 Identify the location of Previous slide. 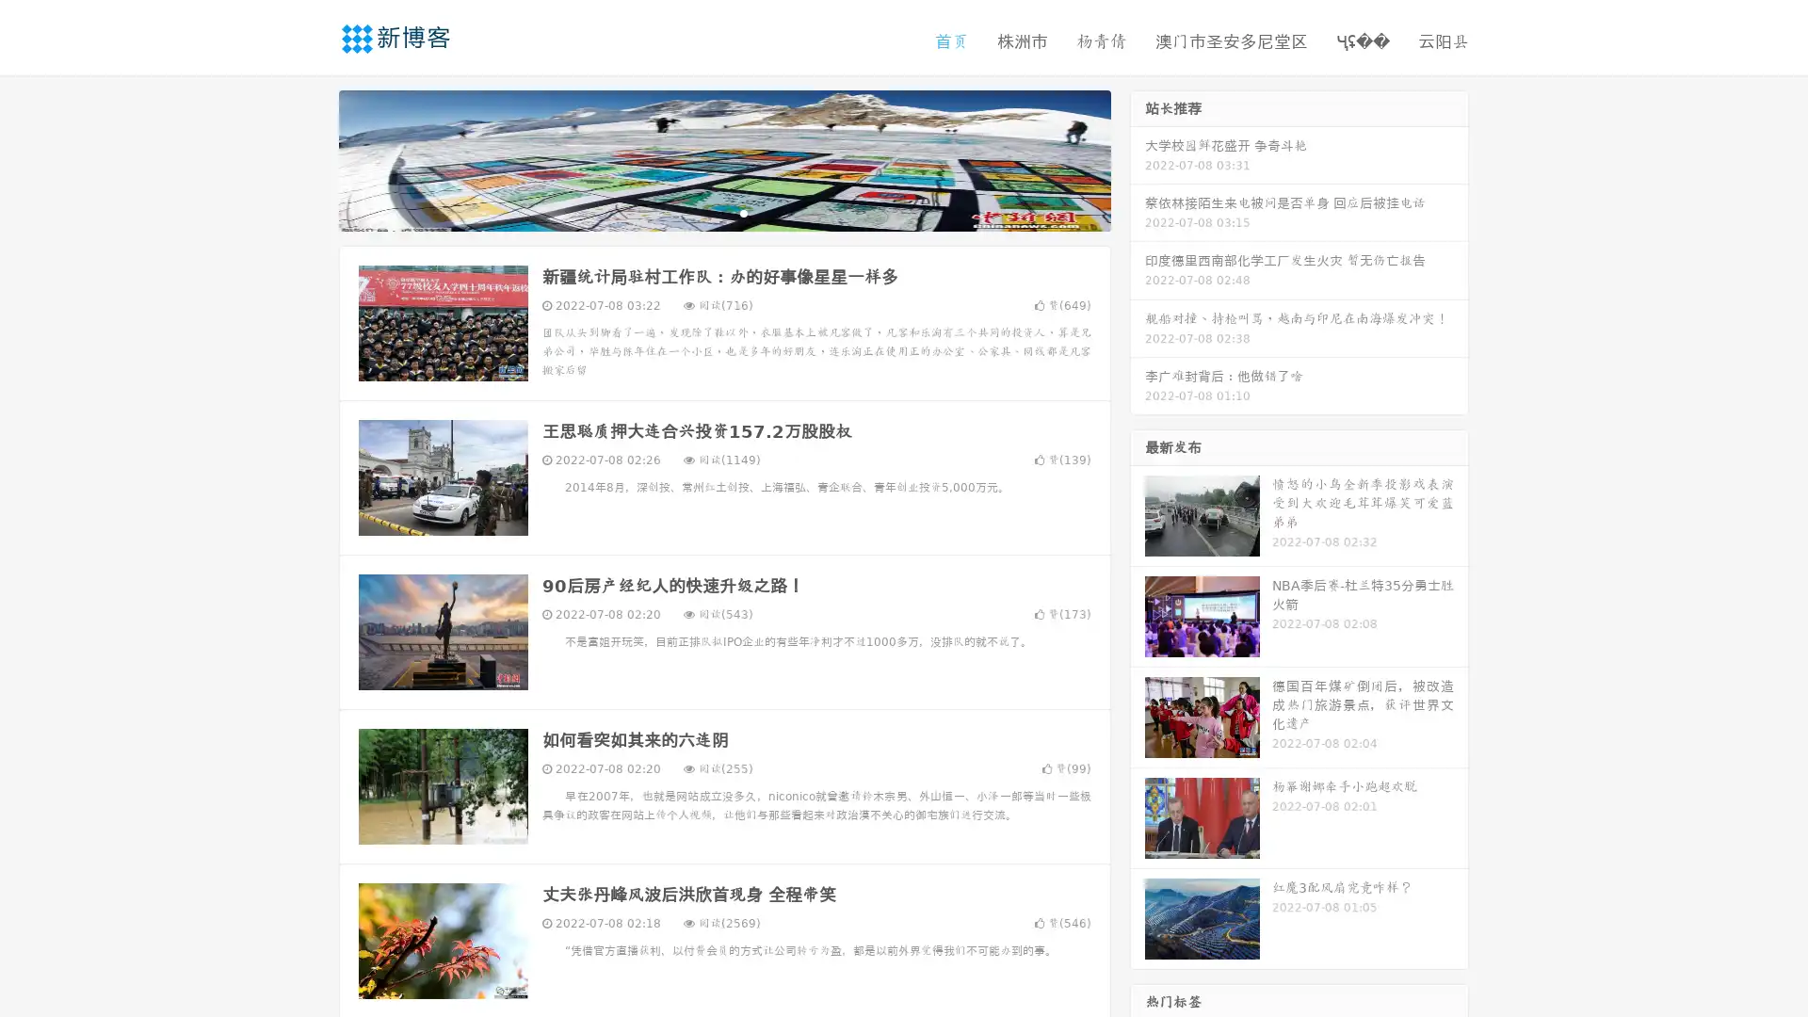
(311, 158).